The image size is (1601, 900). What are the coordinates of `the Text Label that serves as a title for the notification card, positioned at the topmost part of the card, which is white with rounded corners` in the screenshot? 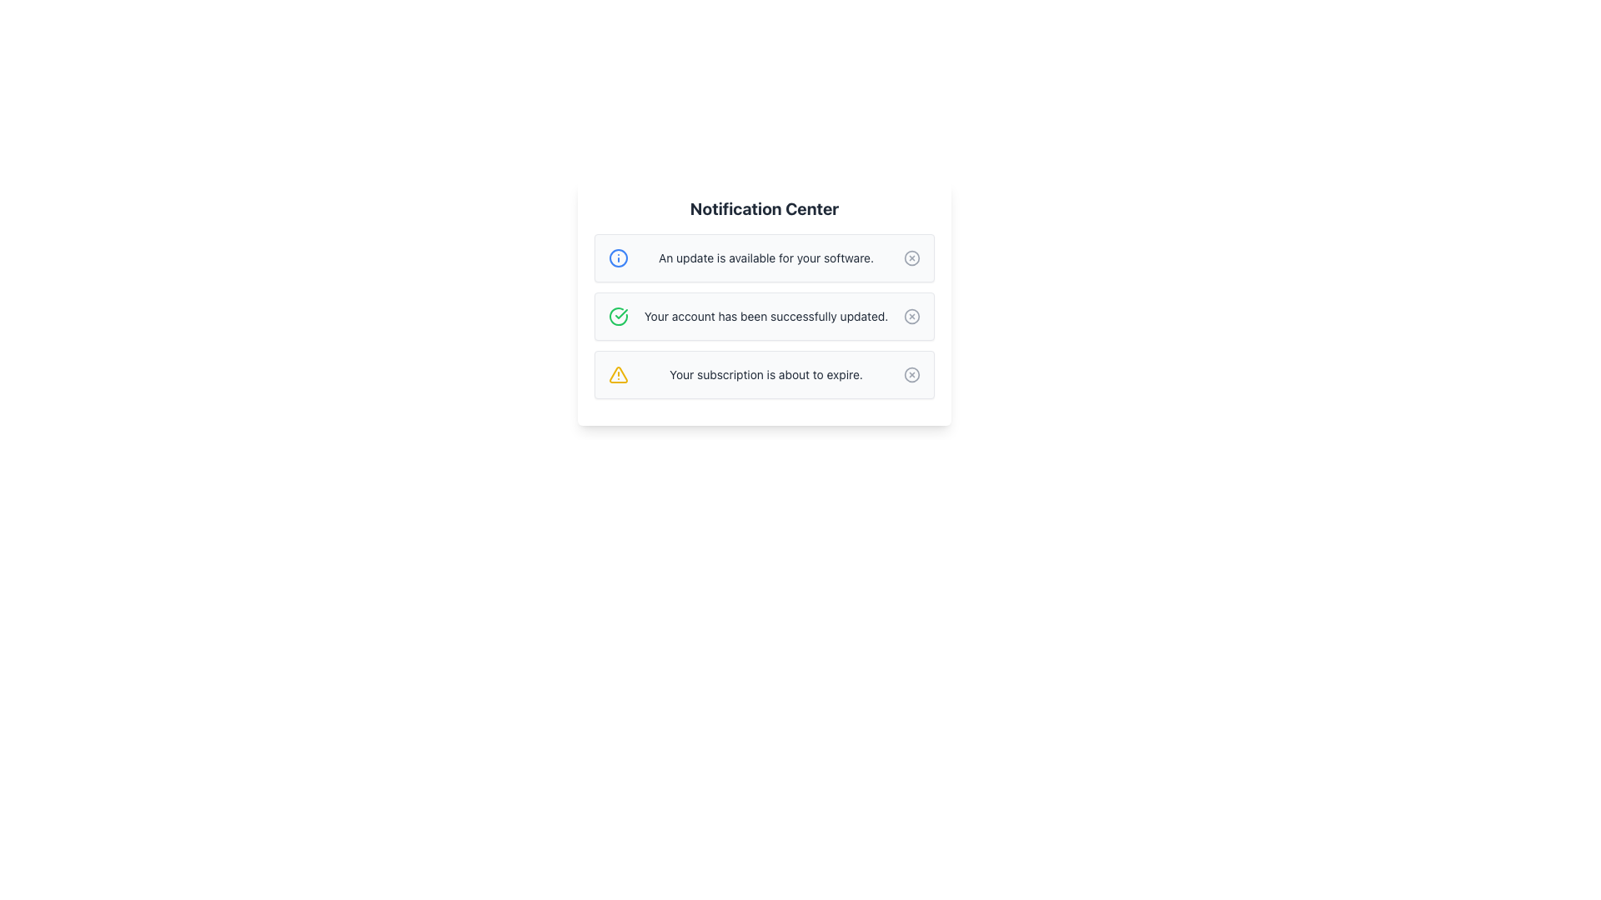 It's located at (763, 207).